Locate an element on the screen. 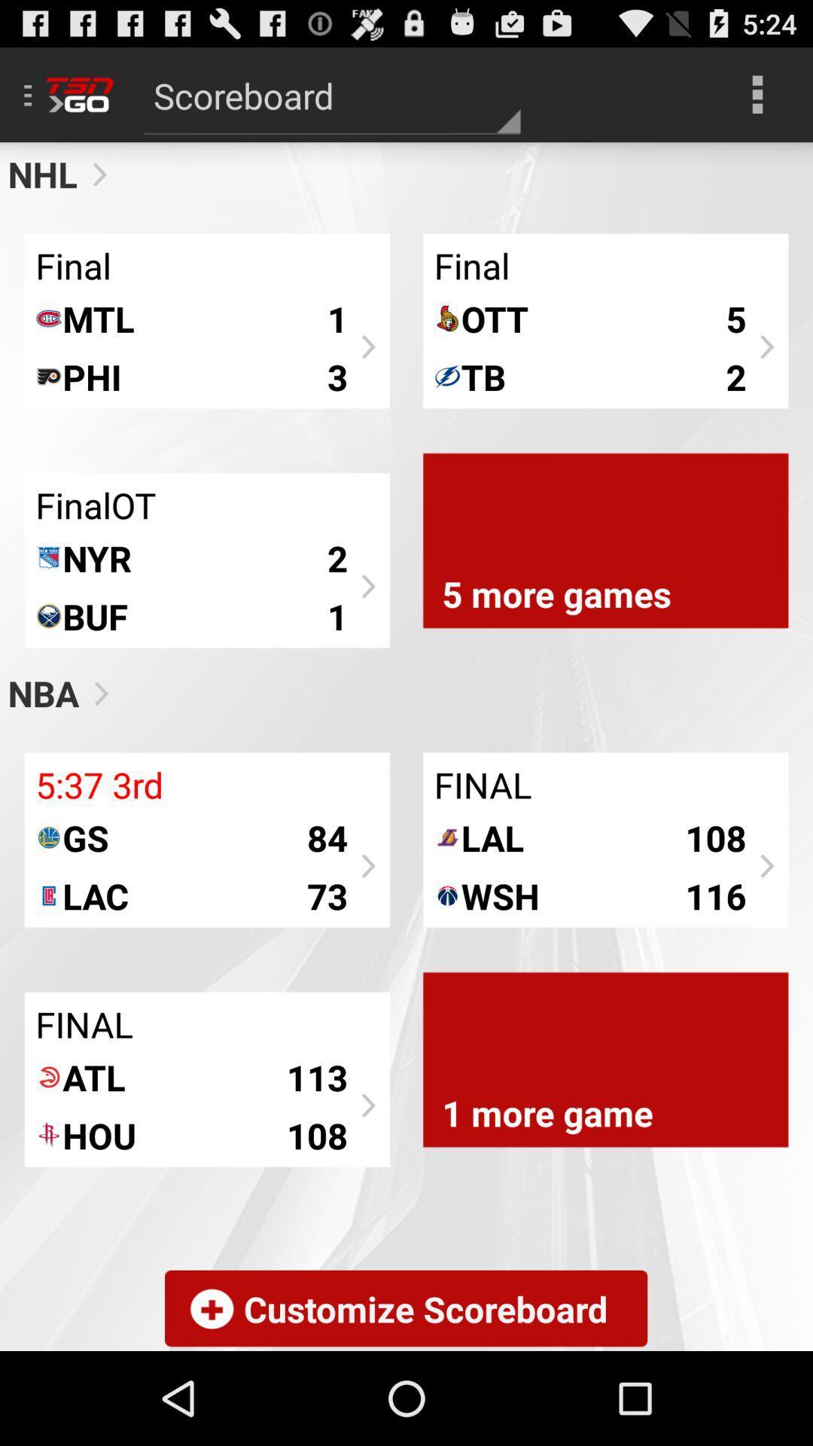 The image size is (813, 1446). item to the right of scoreboard is located at coordinates (757, 93).